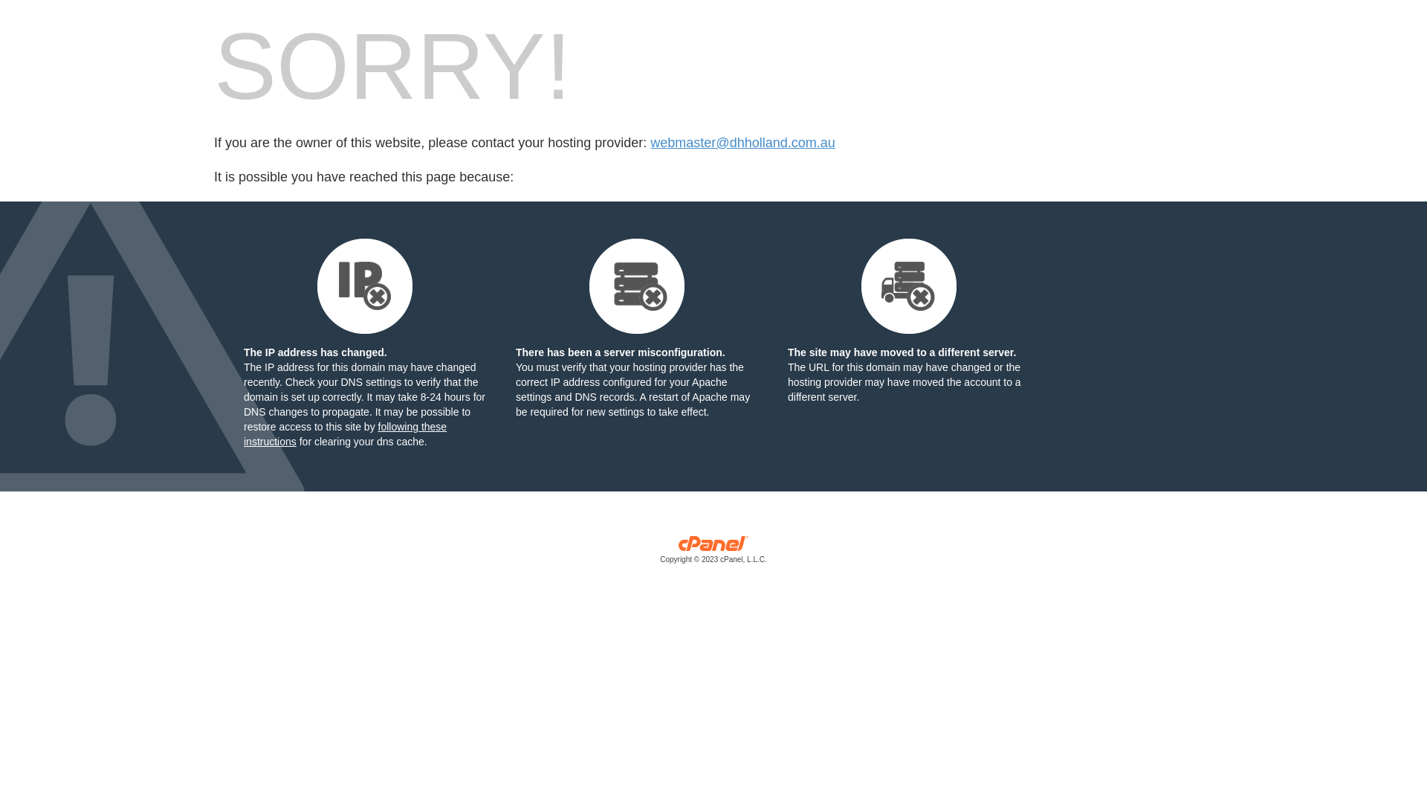  I want to click on 'webmaster@dhholland.com.au', so click(650, 143).